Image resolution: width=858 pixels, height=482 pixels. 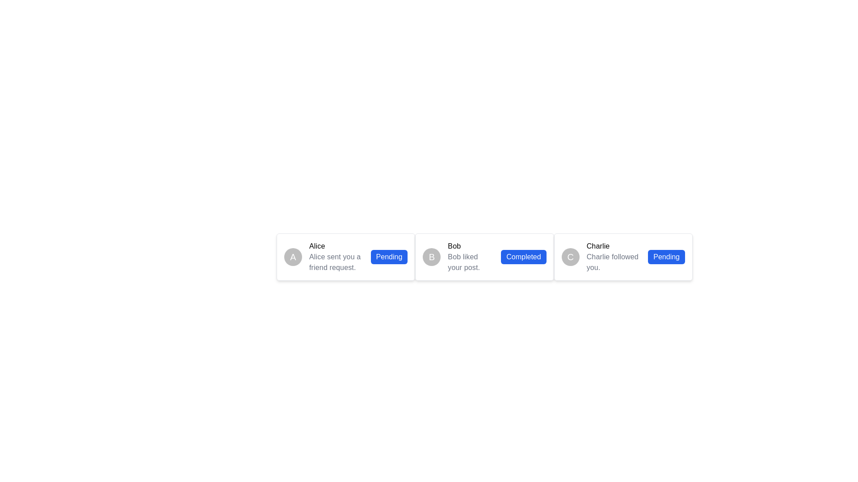 What do you see at coordinates (613, 257) in the screenshot?
I see `the notification text display indicating that user 'Charlie' is following, located between a circular avatar with 'C' and a blue button labeled 'Pending'` at bounding box center [613, 257].